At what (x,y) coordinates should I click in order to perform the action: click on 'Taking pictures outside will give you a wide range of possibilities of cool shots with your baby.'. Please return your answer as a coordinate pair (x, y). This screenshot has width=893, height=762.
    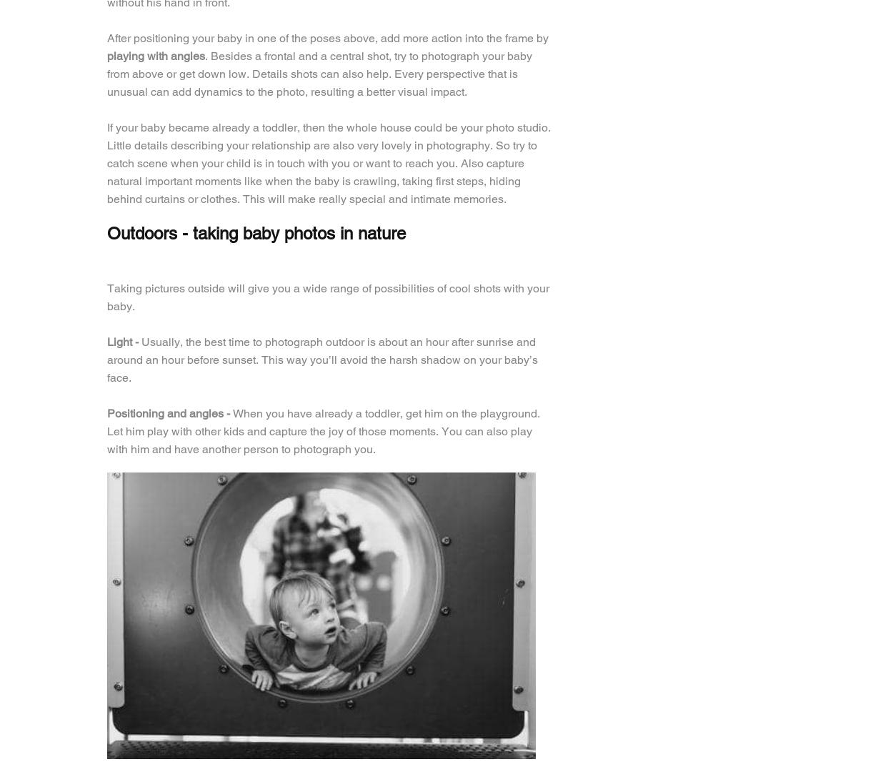
    Looking at the image, I should click on (327, 297).